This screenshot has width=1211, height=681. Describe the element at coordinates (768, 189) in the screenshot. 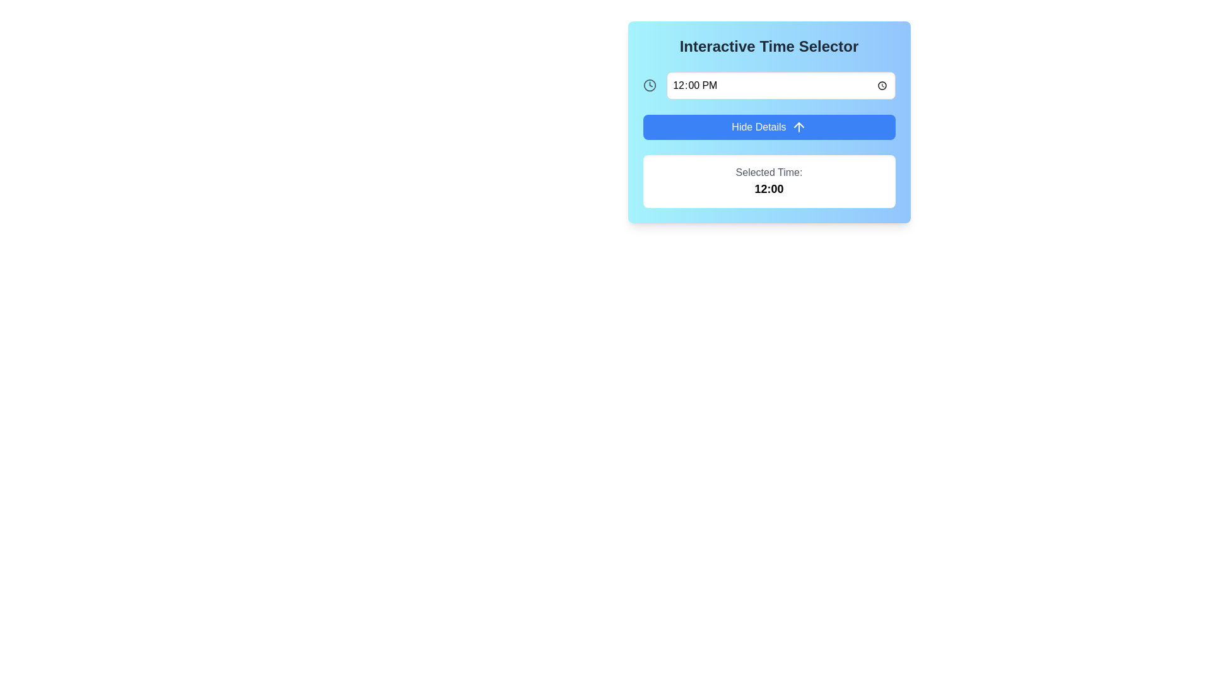

I see `the static text label that displays the currently selected time in the Interactive Time Selector interface, located beneath the 'Selected Time:' text` at that location.